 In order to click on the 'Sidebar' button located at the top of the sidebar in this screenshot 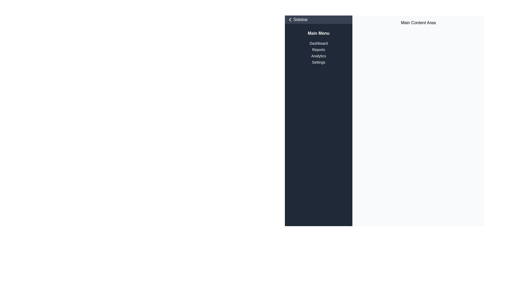, I will do `click(318, 19)`.